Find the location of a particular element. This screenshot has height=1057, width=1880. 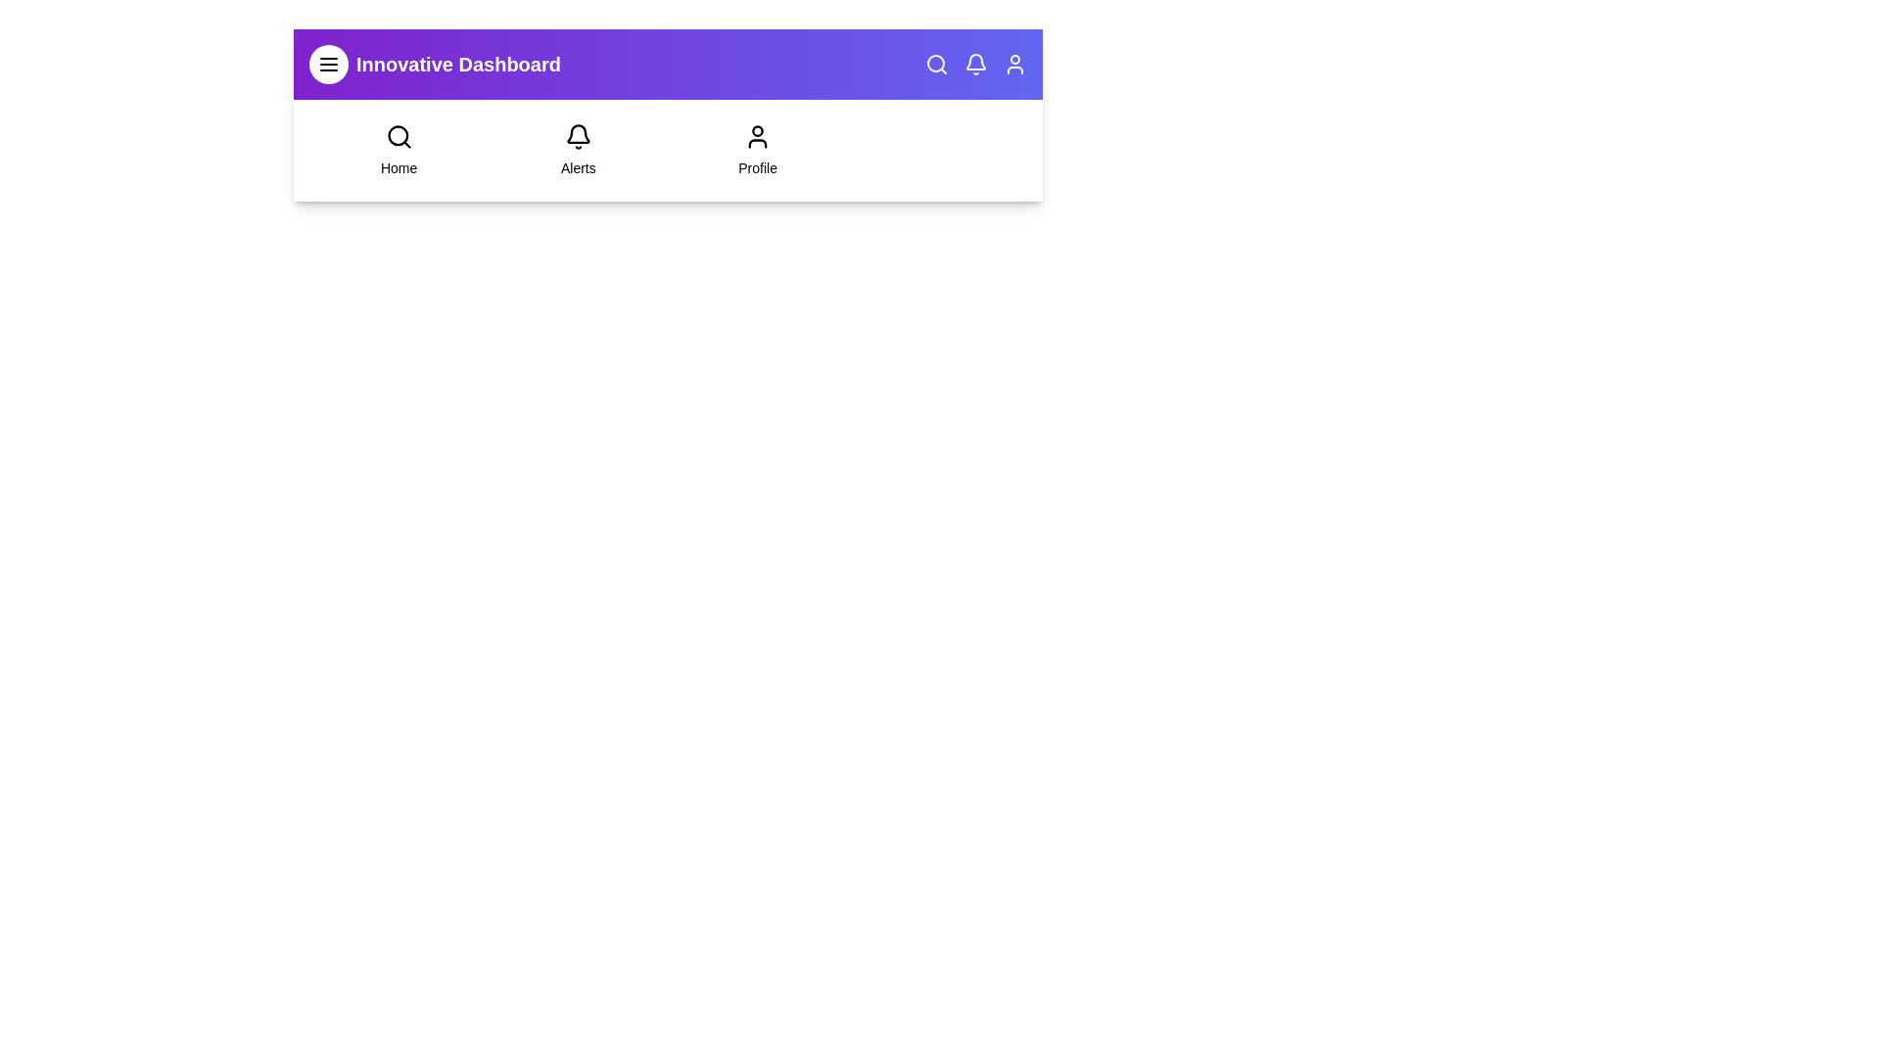

the 'Profile' icon in the navigation bar is located at coordinates (1014, 63).